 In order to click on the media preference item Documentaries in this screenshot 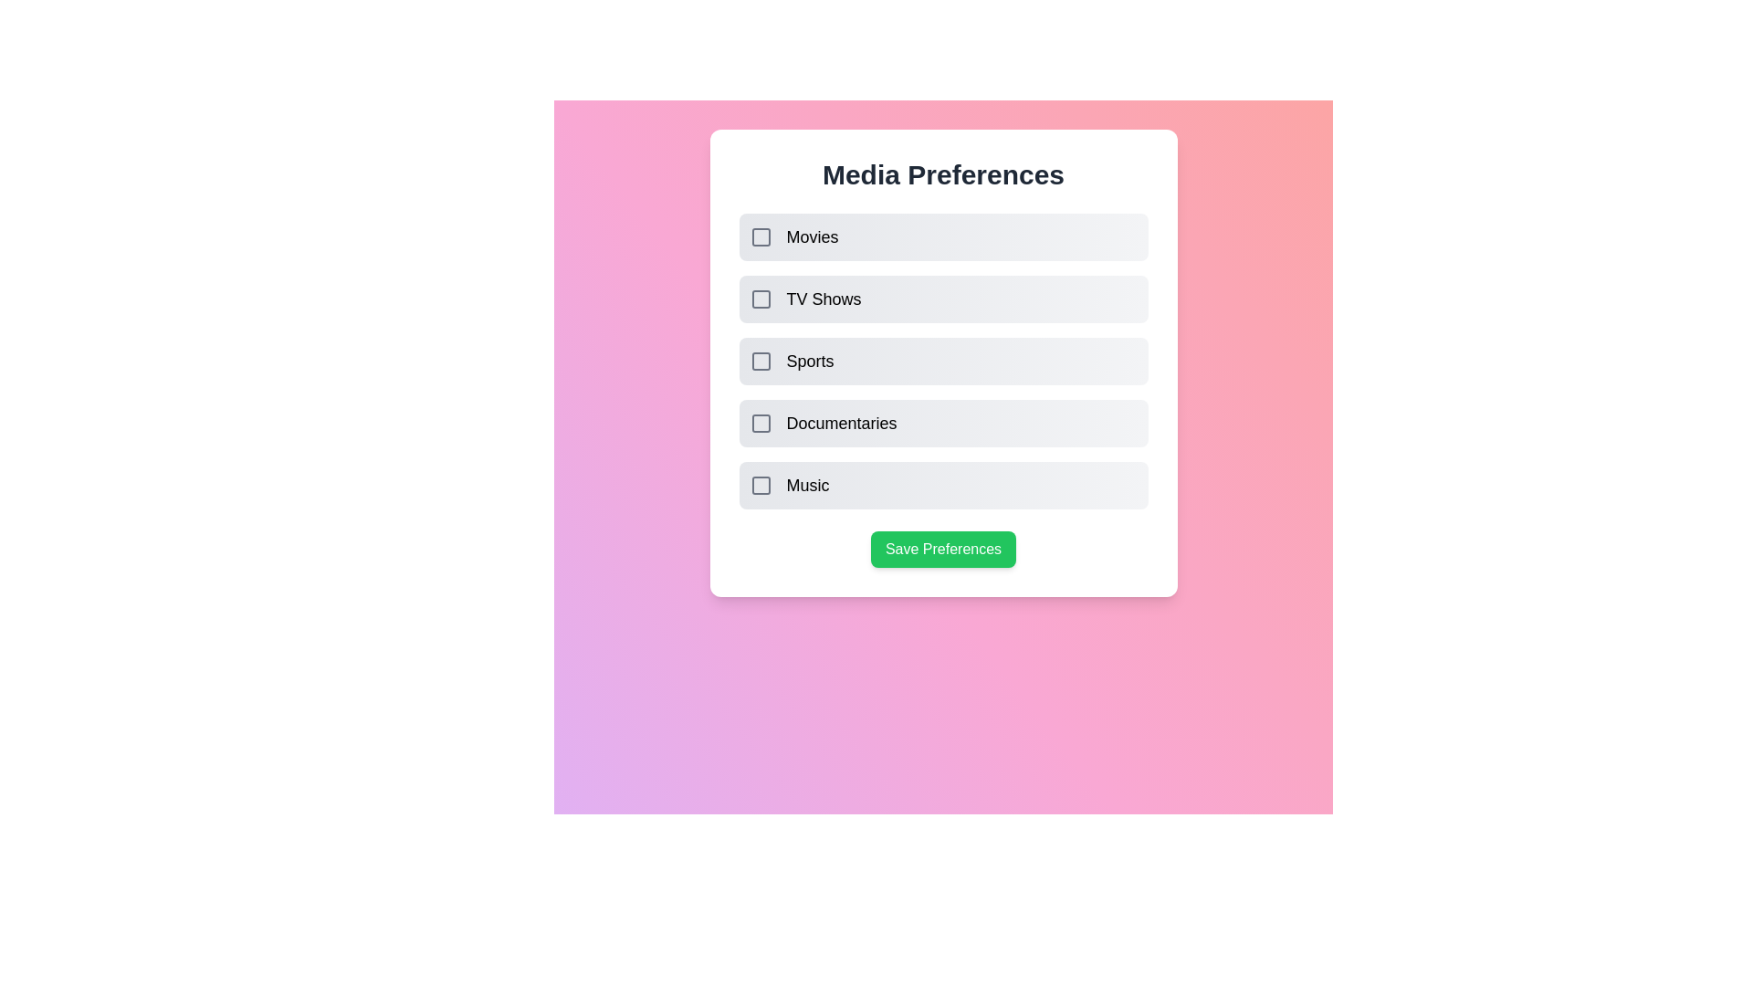, I will do `click(761, 423)`.